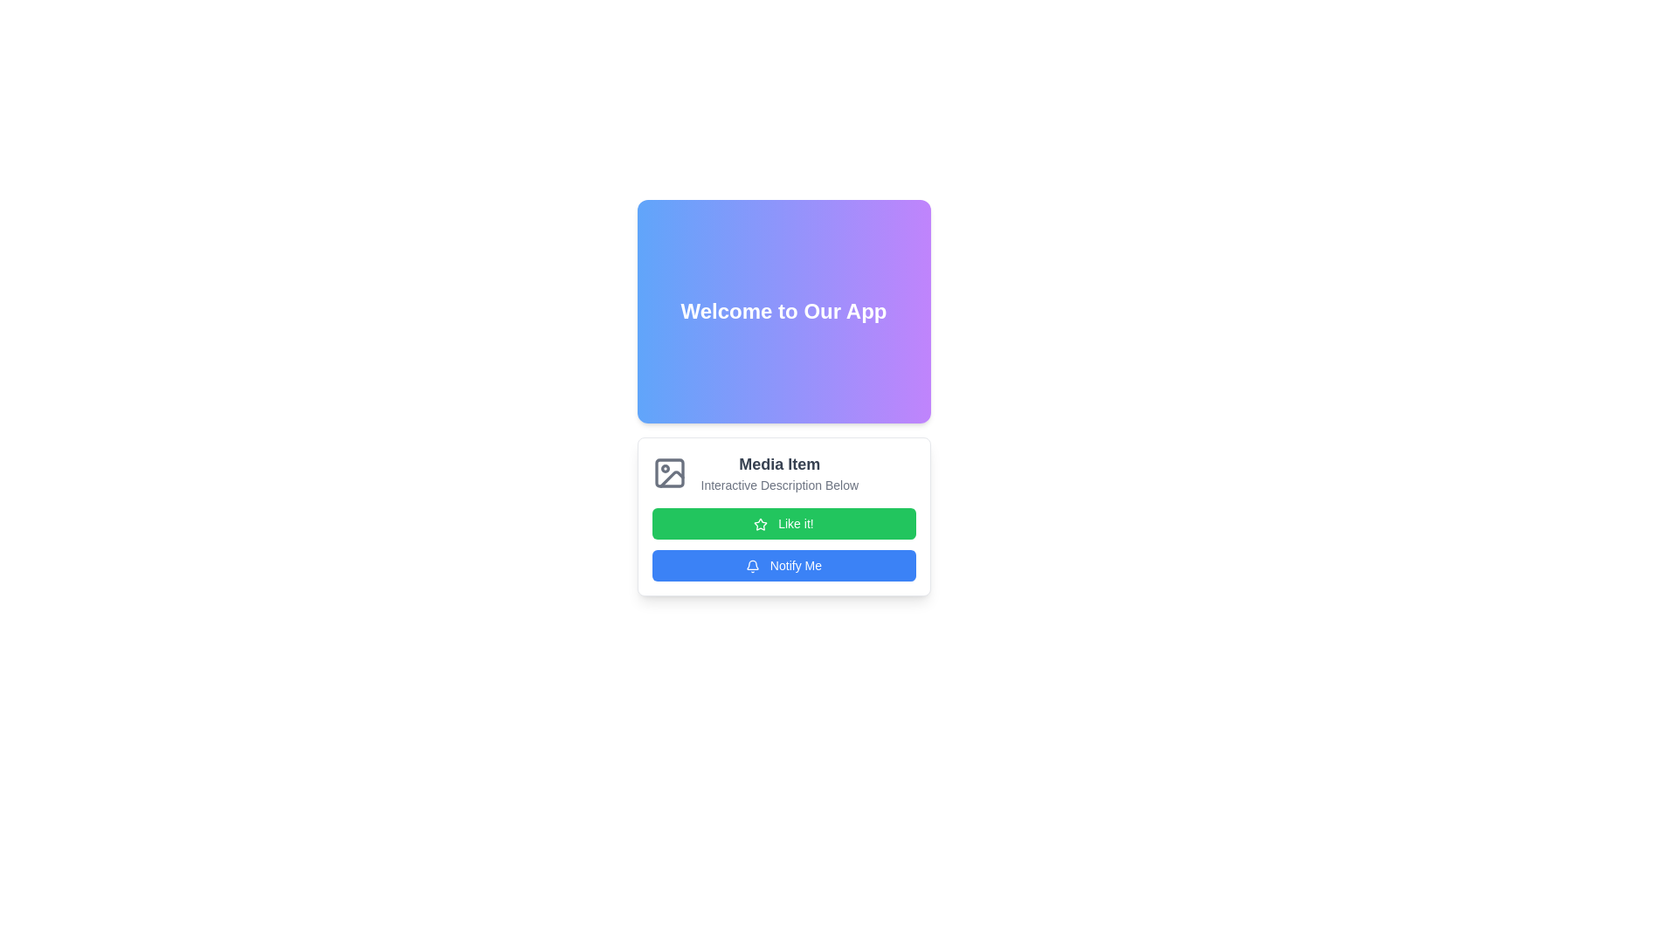 This screenshot has height=943, width=1677. I want to click on the 'Like' button located at the first interactive component below the 'Media Item' description, so click(783, 515).